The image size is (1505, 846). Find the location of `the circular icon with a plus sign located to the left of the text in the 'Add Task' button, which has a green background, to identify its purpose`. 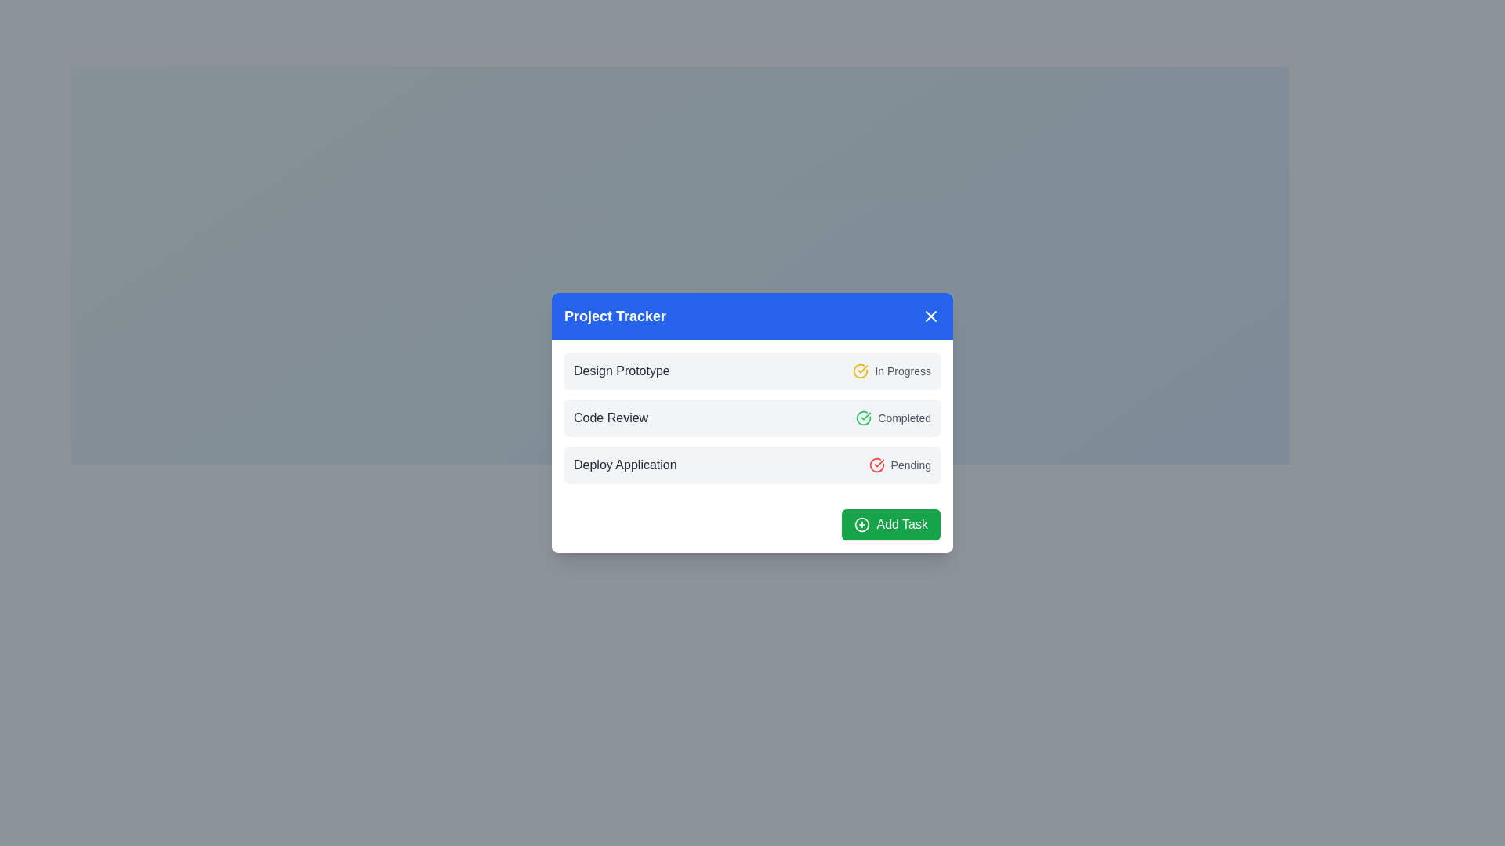

the circular icon with a plus sign located to the left of the text in the 'Add Task' button, which has a green background, to identify its purpose is located at coordinates (861, 525).